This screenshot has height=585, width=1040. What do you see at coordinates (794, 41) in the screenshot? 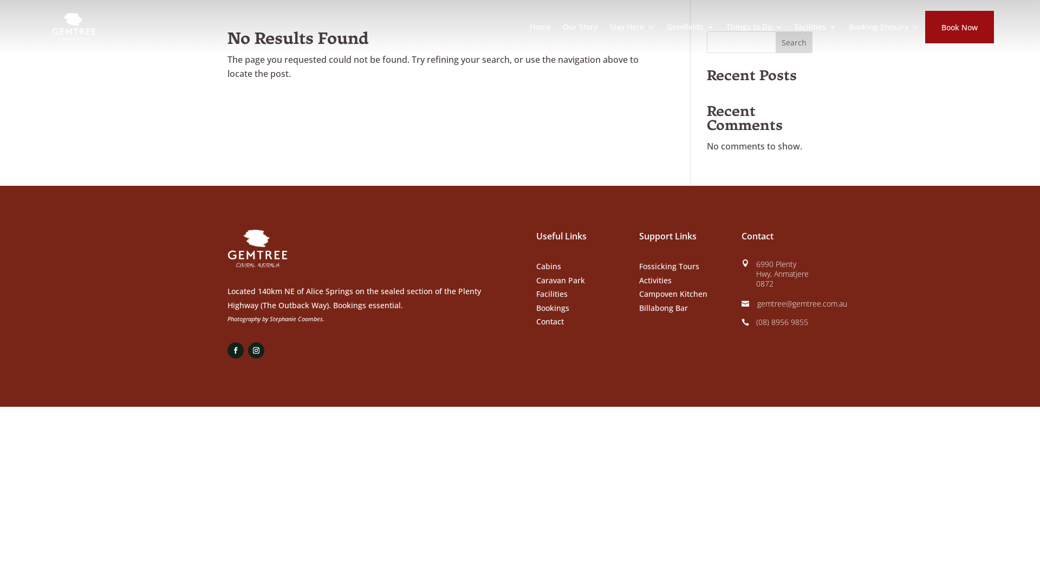
I see `'Search'` at bounding box center [794, 41].